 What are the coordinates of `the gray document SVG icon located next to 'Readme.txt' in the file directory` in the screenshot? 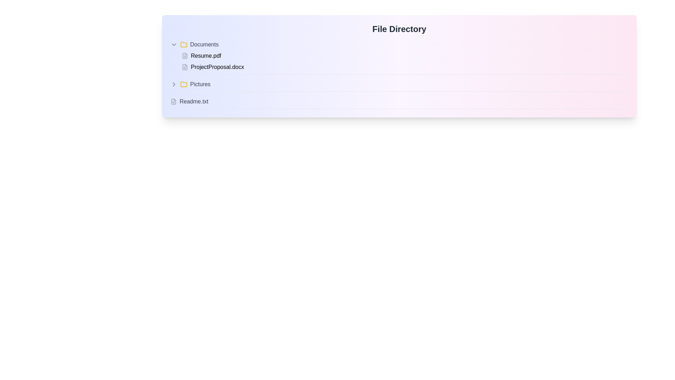 It's located at (174, 102).